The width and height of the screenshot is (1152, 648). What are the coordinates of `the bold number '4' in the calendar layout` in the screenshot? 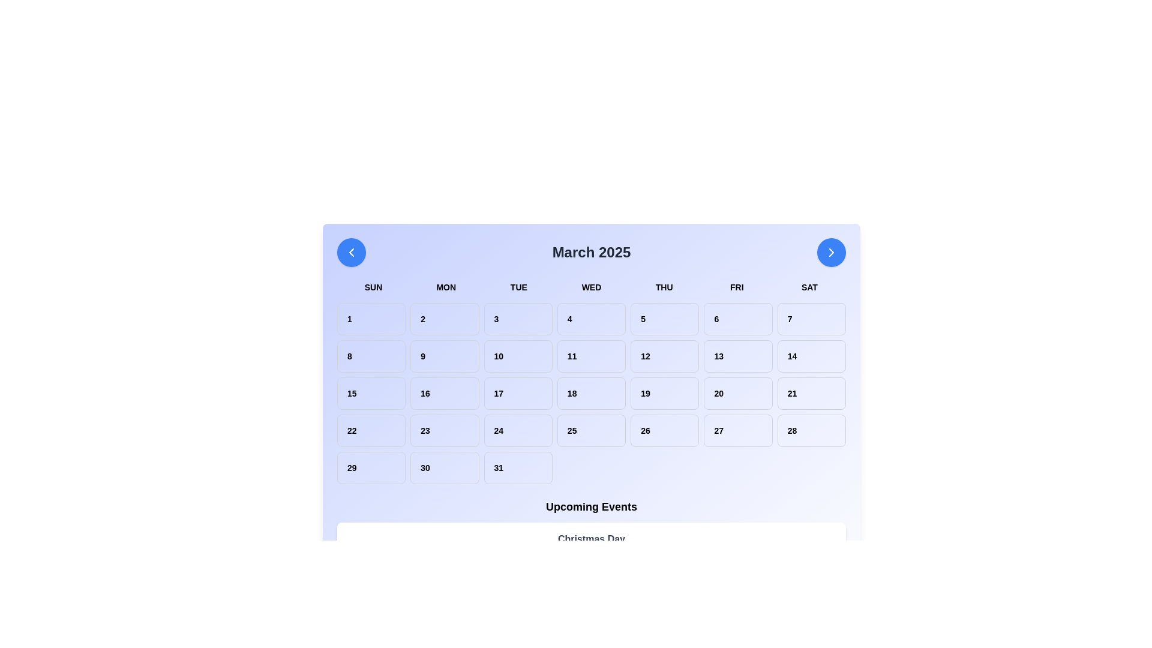 It's located at (591, 319).